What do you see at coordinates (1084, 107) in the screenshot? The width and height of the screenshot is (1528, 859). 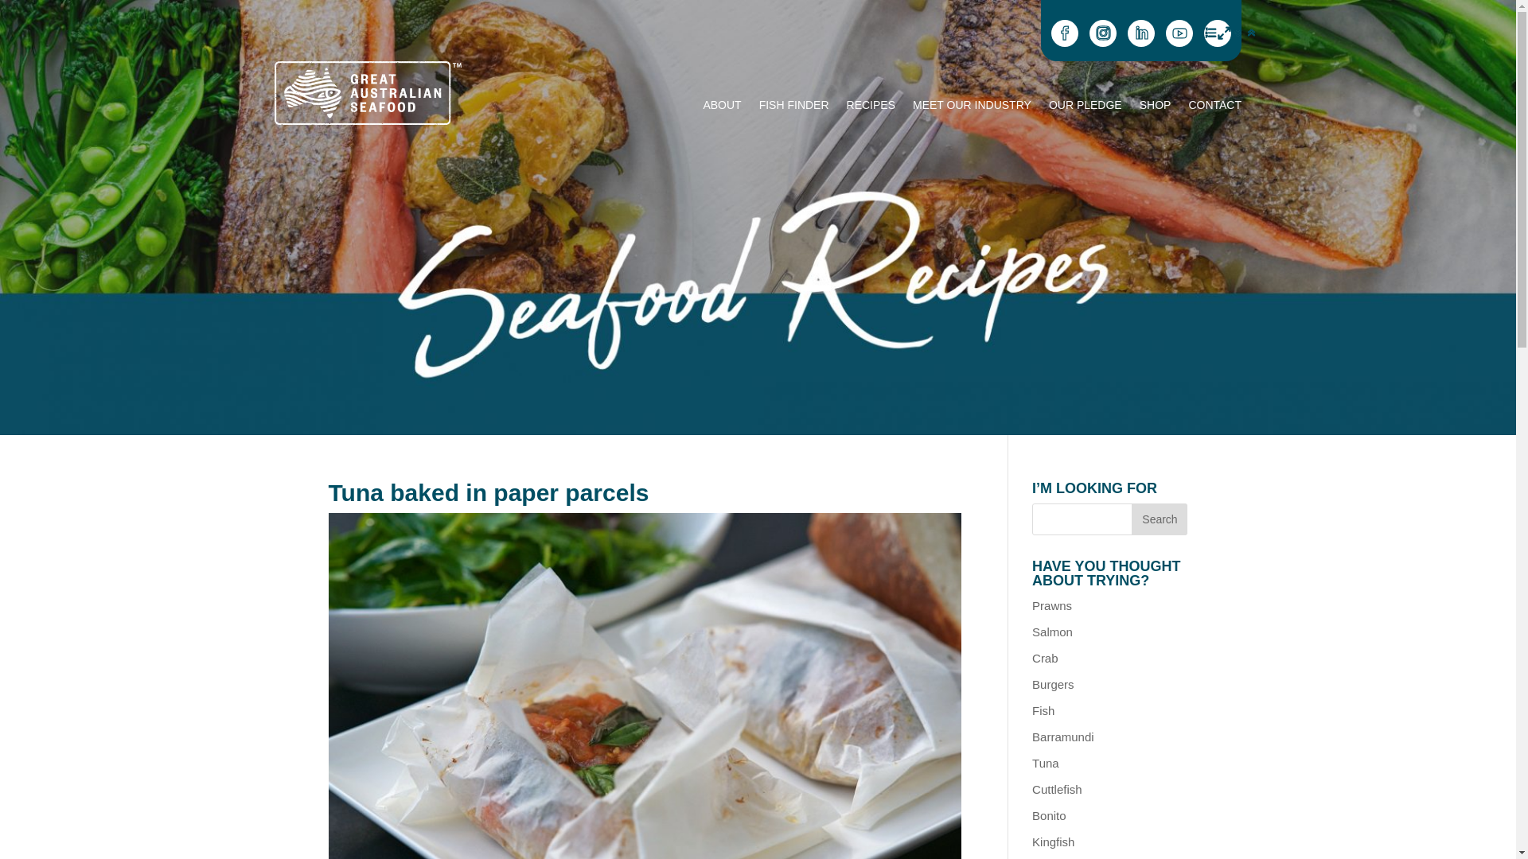 I see `'OUR PLEDGE'` at bounding box center [1084, 107].